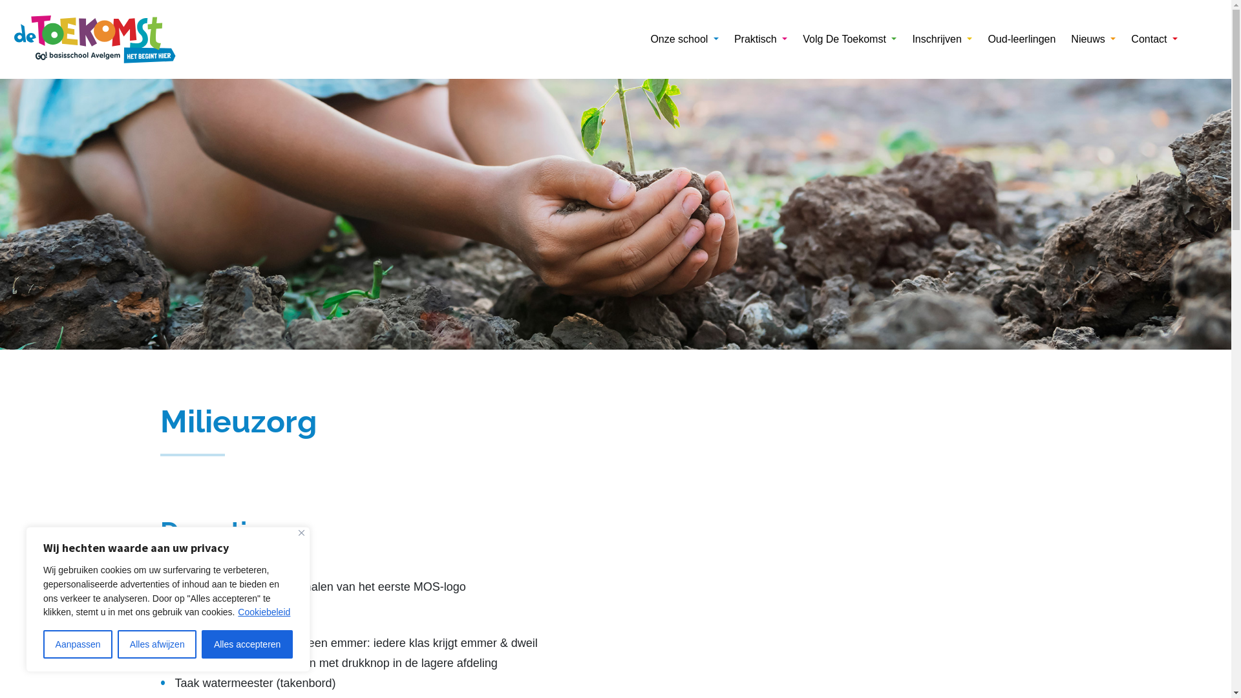  I want to click on 'Oud-leerlingen', so click(1021, 39).